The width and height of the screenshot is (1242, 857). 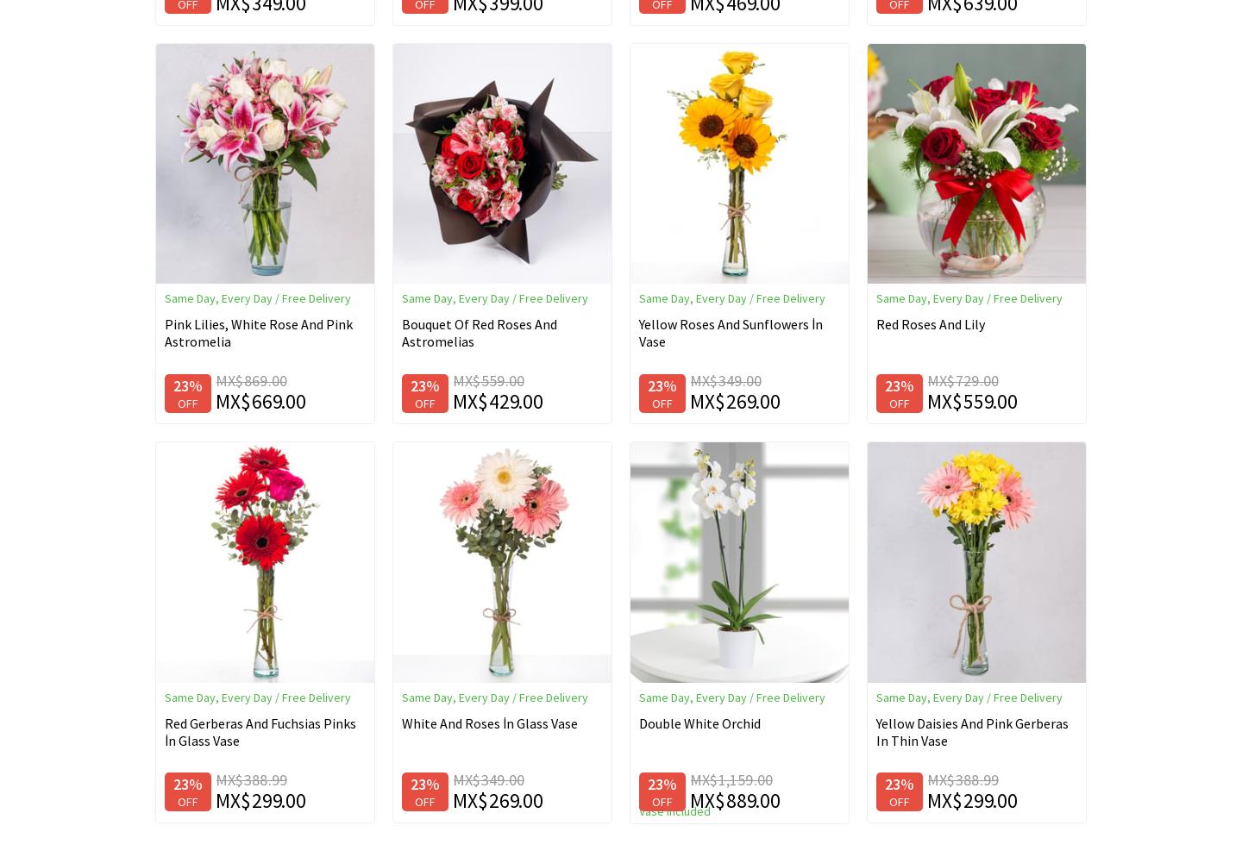 I want to click on '669', so click(x=267, y=400).